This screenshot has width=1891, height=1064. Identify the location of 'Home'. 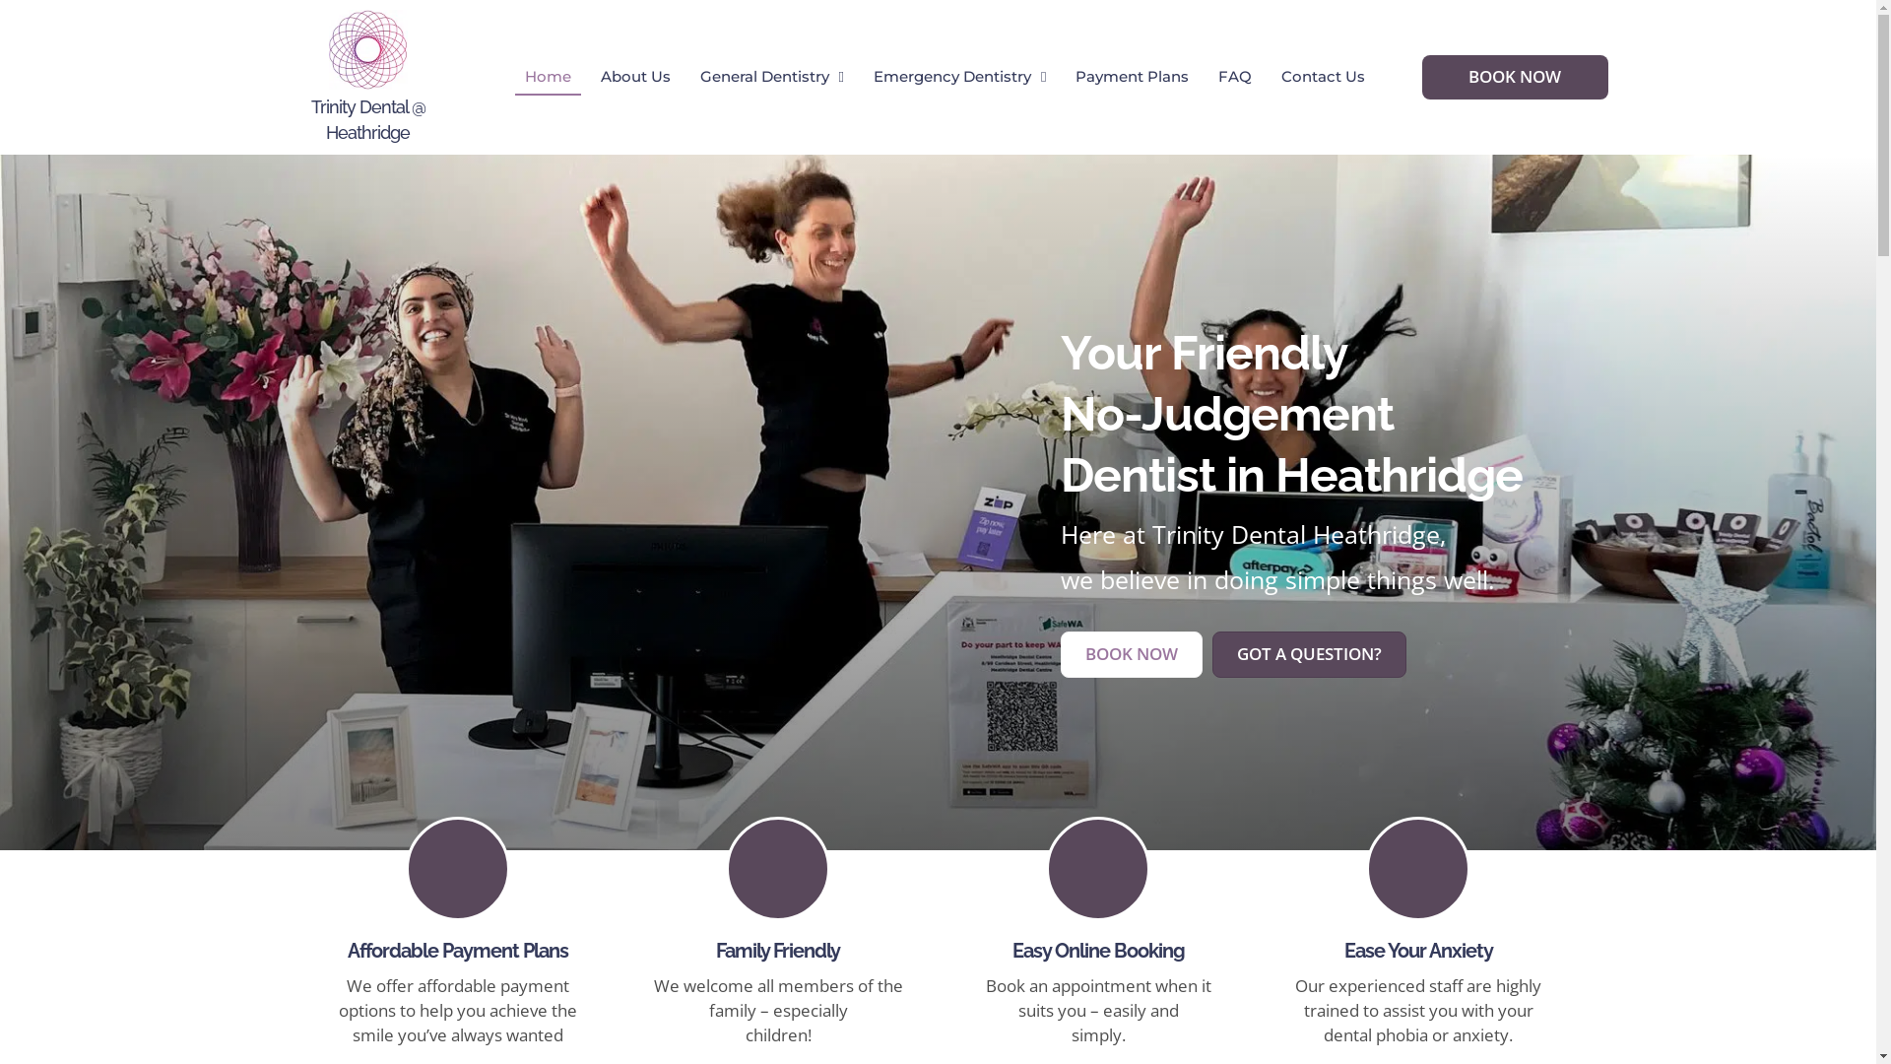
(548, 76).